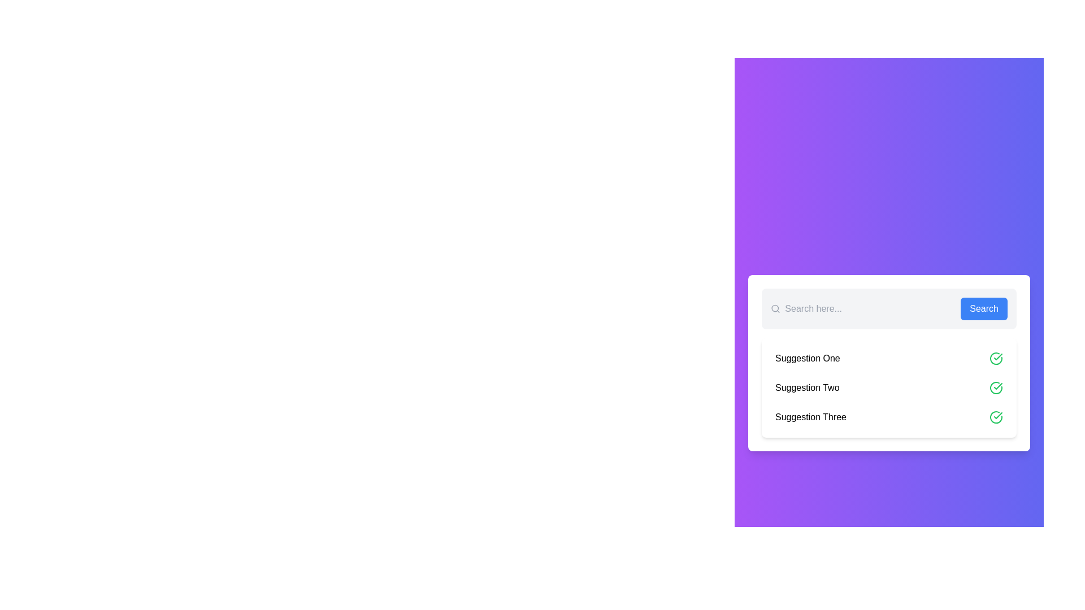  I want to click on the graphical icon that indicates successful selection, located in the third row to the far right of 'Suggestion Two', so click(996, 417).